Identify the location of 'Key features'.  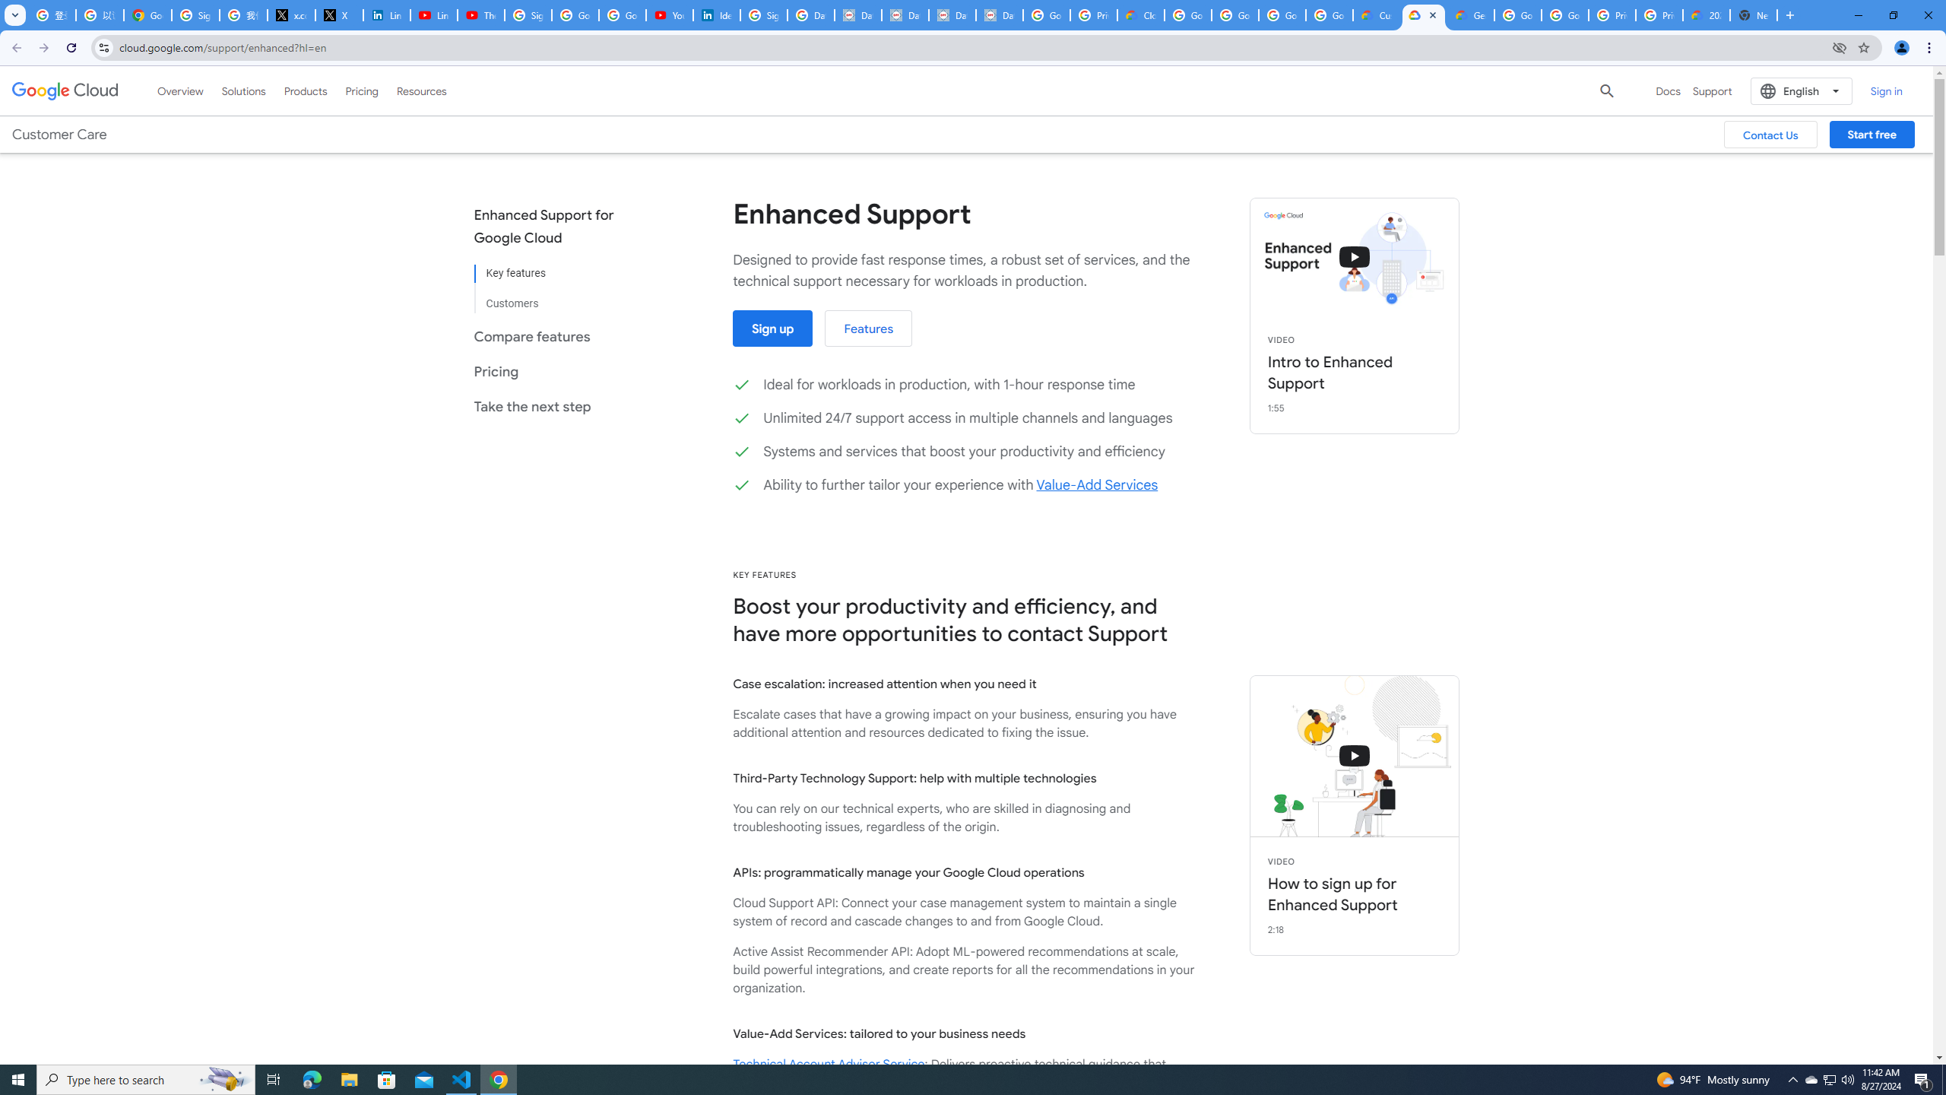
(554, 274).